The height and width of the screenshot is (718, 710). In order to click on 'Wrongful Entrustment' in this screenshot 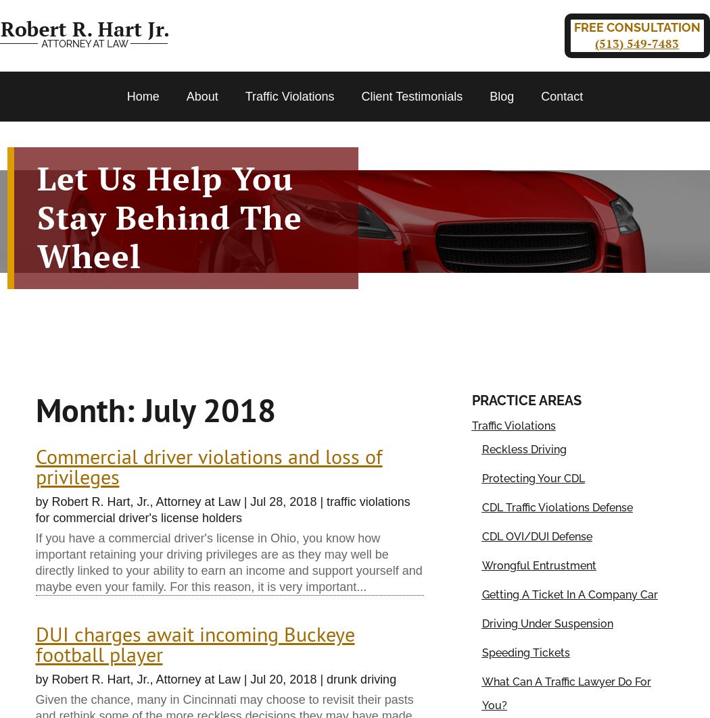, I will do `click(481, 564)`.